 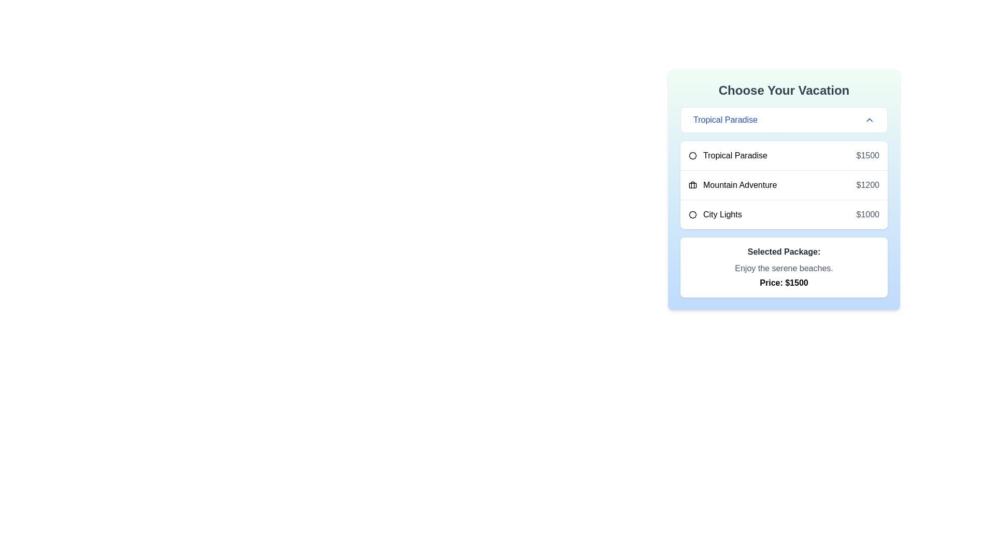 What do you see at coordinates (693, 185) in the screenshot?
I see `the second icon in the 'Mountain Adventure' vacation option section, which is adjacent to the label 'Mountain Adventure'` at bounding box center [693, 185].